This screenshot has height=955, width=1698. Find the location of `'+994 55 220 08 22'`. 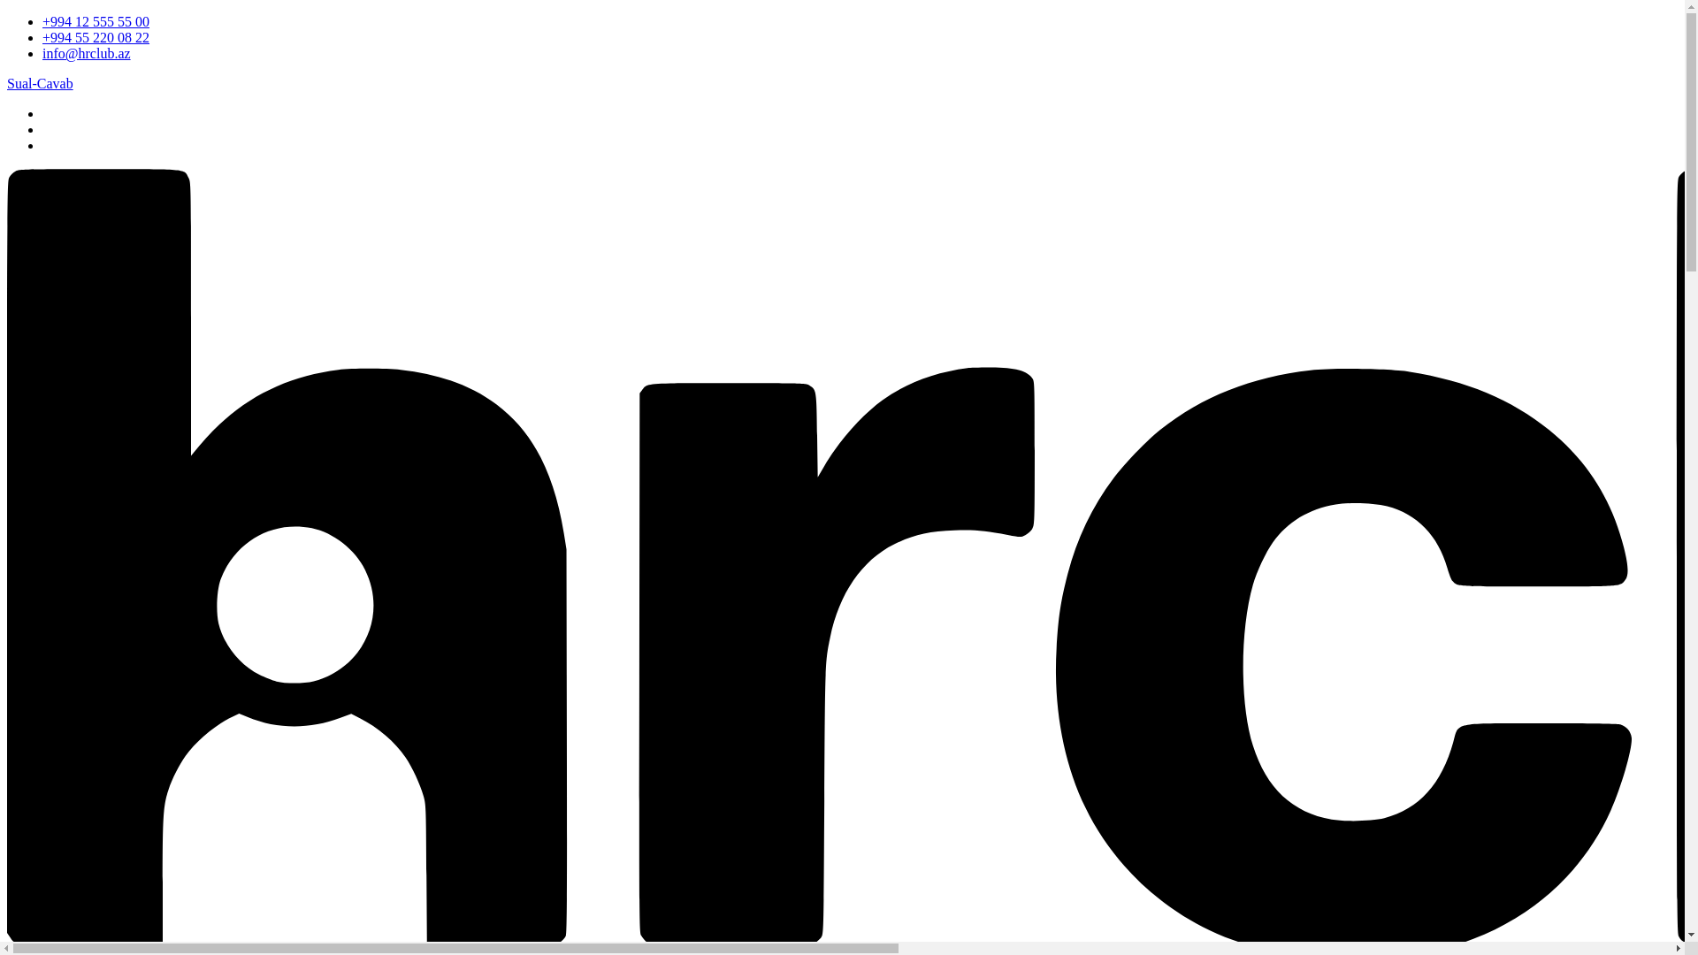

'+994 55 220 08 22' is located at coordinates (42, 37).